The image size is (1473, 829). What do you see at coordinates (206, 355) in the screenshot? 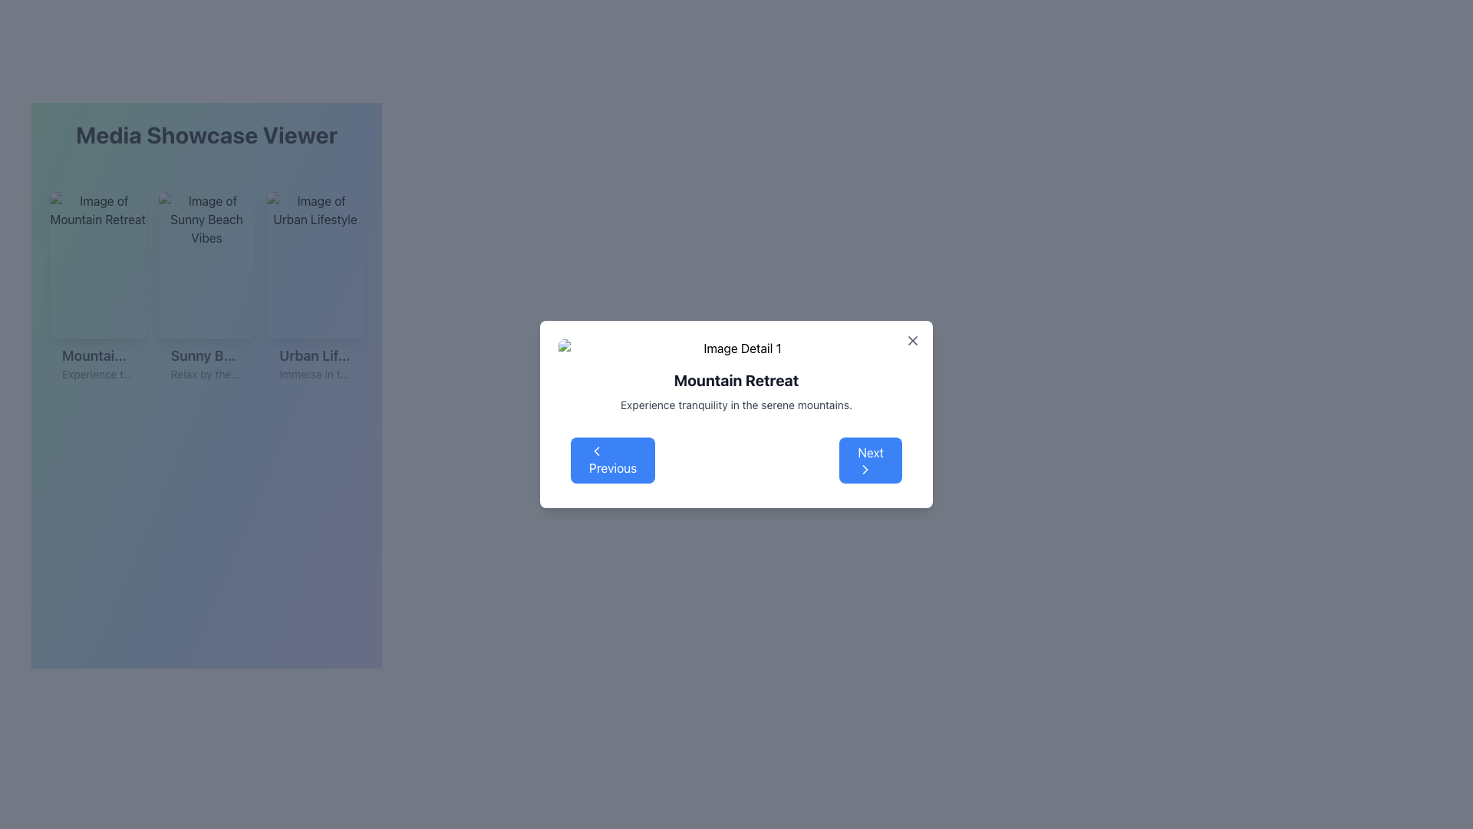
I see `title text of the Text Label located in the second card of a horizontal row of three cards, which provides a summary of the card's content` at bounding box center [206, 355].